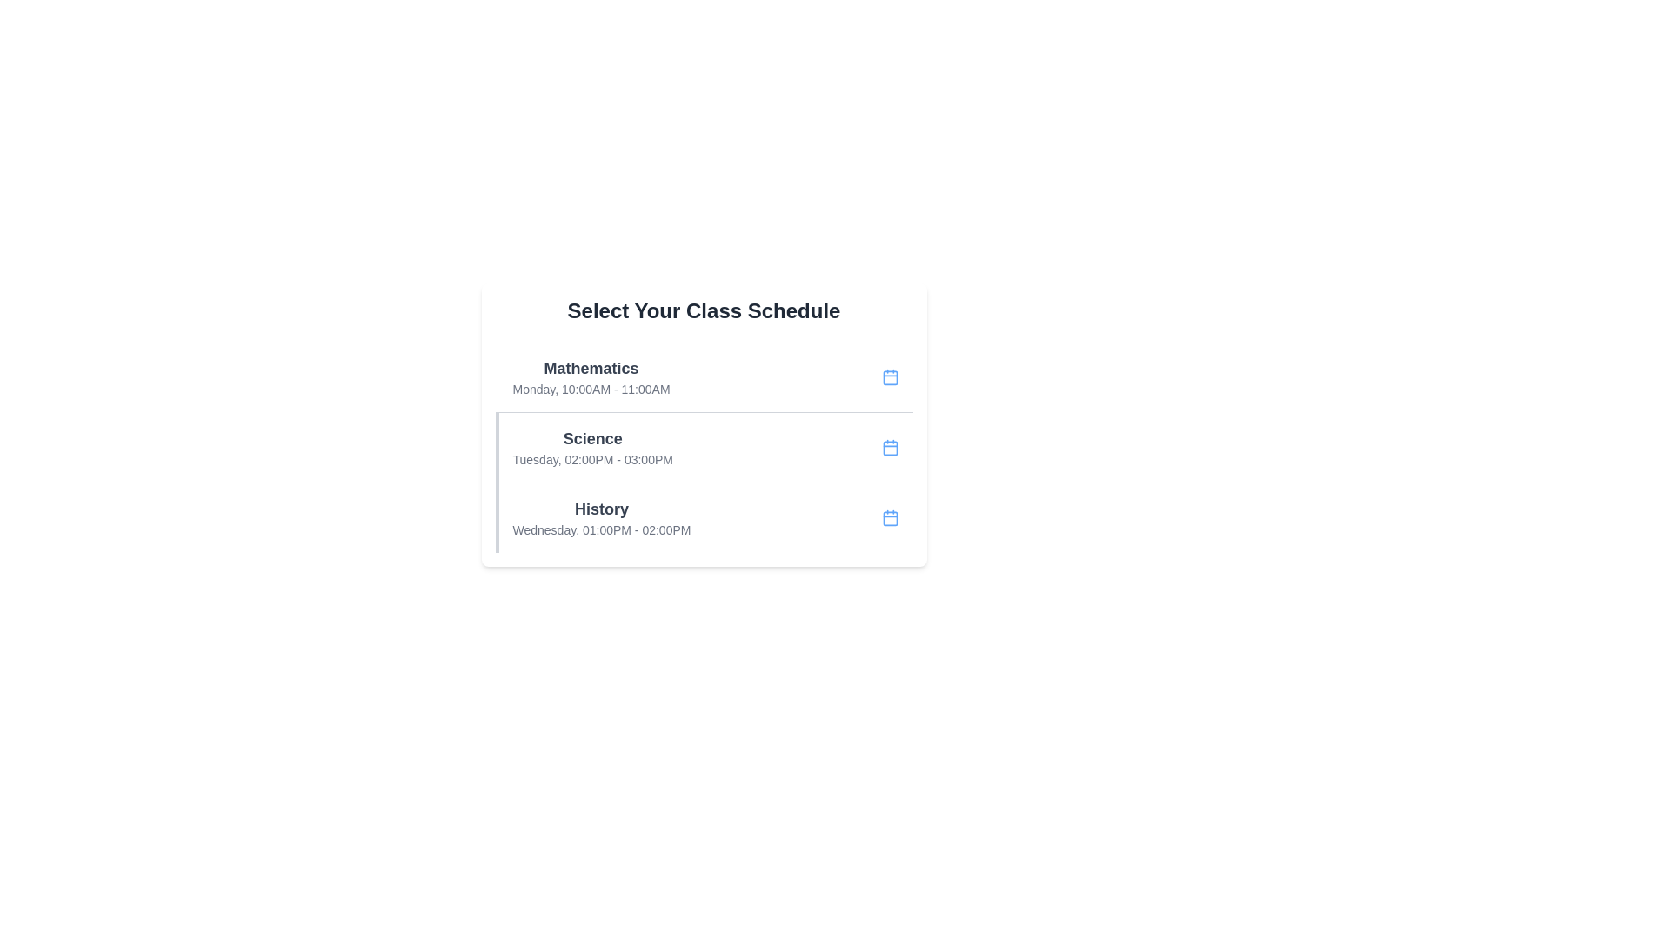 This screenshot has height=939, width=1670. What do you see at coordinates (601, 529) in the screenshot?
I see `the text displaying the schedule 'Wednesday, 01:00PM - 02:00PM' which is styled in smaller gray-colored font and located below the 'History' label` at bounding box center [601, 529].